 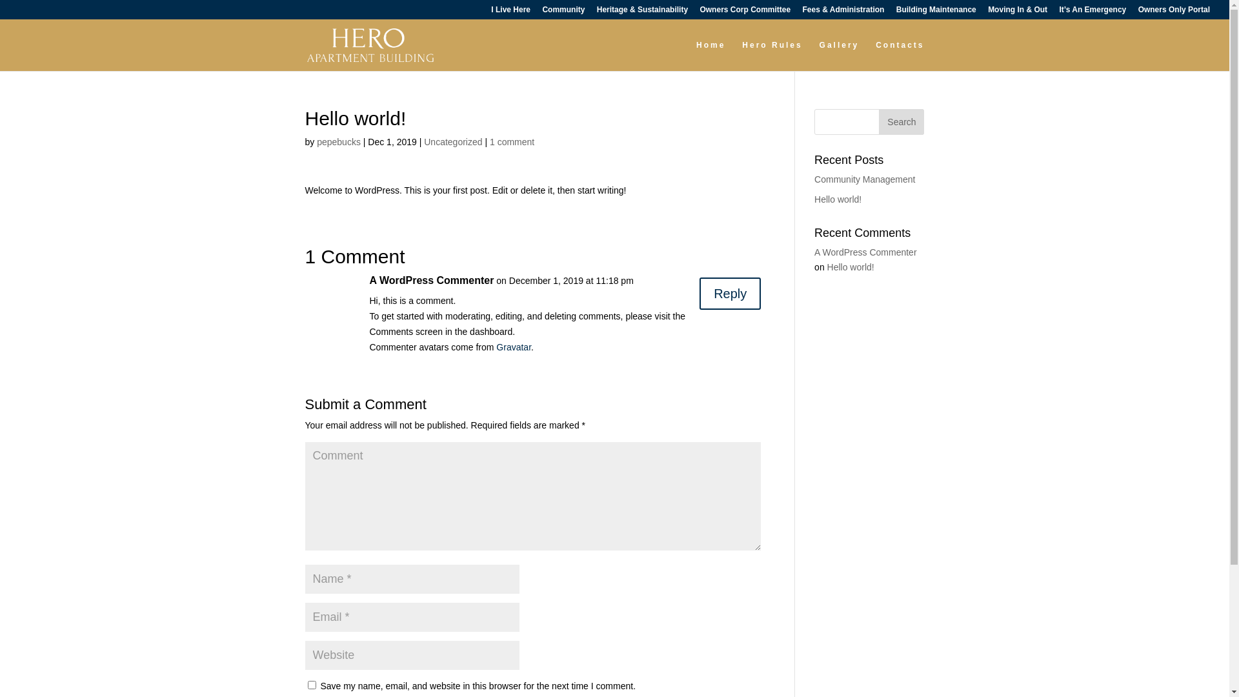 What do you see at coordinates (710, 55) in the screenshot?
I see `'Home'` at bounding box center [710, 55].